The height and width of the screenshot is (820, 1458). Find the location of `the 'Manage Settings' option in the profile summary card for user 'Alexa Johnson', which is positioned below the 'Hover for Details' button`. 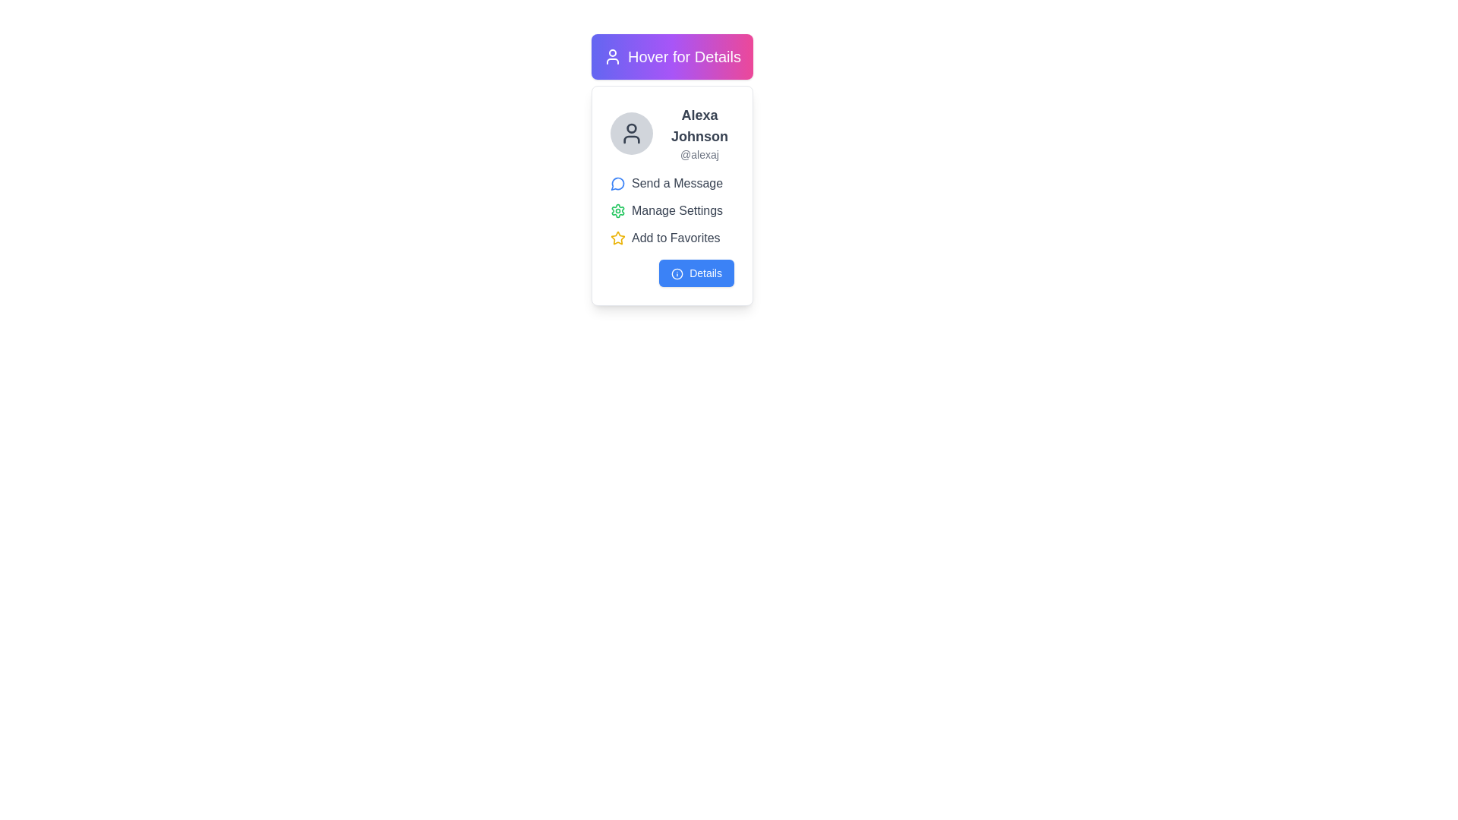

the 'Manage Settings' option in the profile summary card for user 'Alexa Johnson', which is positioned below the 'Hover for Details' button is located at coordinates (671, 195).